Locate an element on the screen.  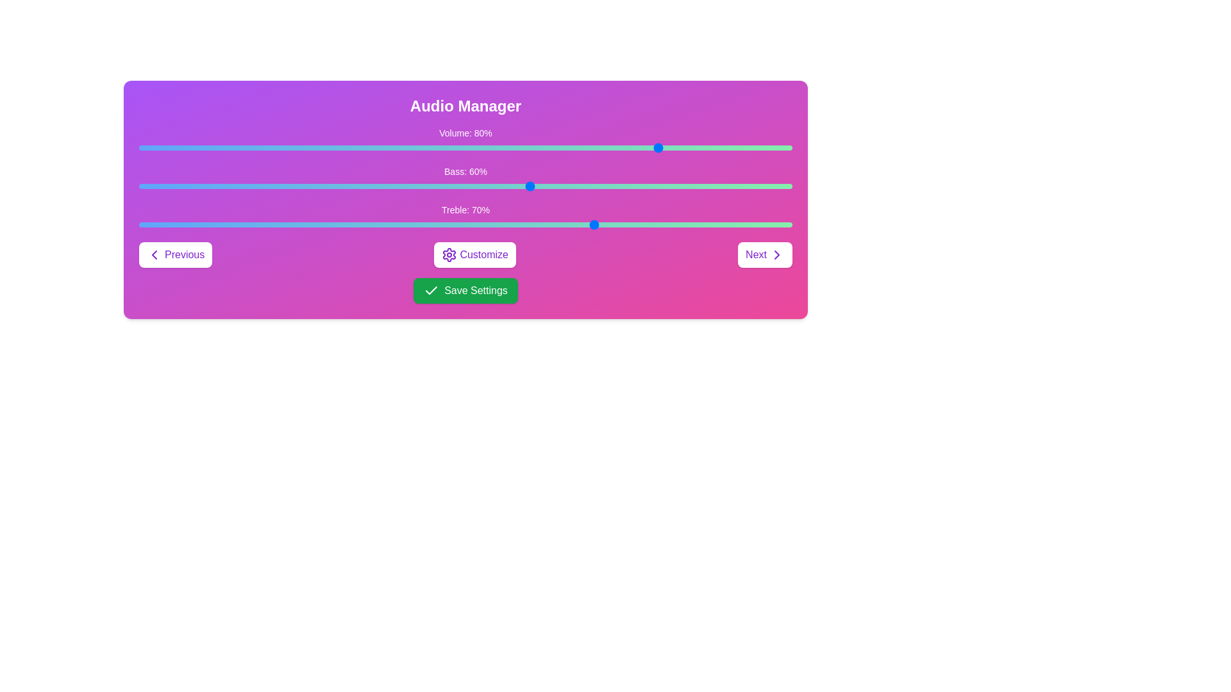
the knob of the range slider labeled 'bass: 60%' located in the 'Audio Manager' section is located at coordinates (465, 179).